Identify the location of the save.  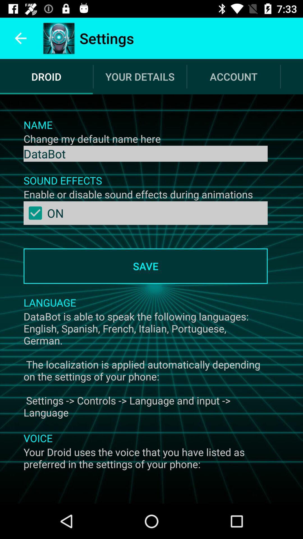
(145, 266).